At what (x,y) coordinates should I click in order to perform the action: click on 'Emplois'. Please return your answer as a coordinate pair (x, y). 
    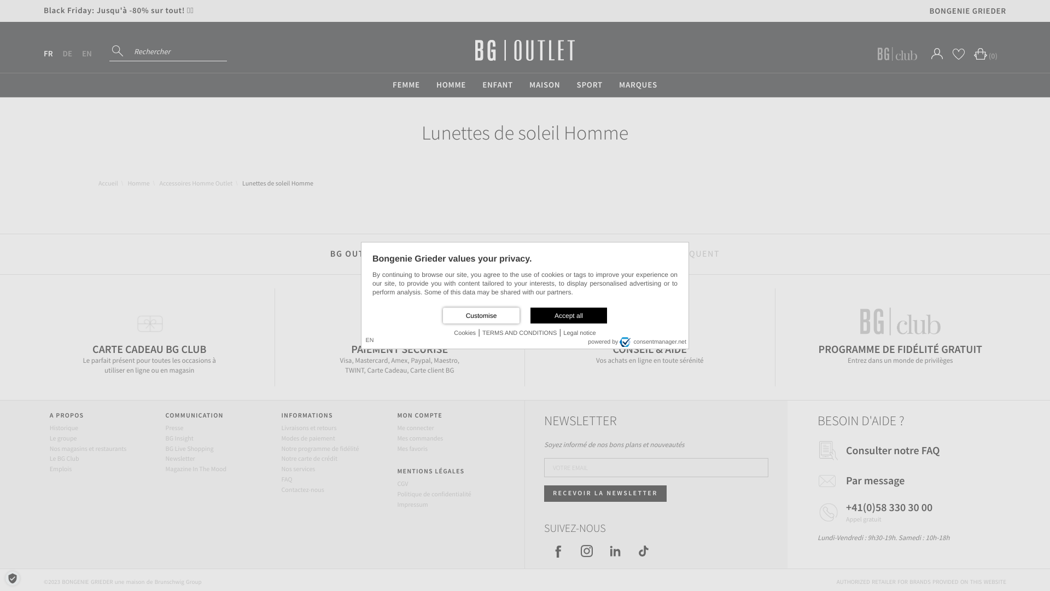
    Looking at the image, I should click on (60, 468).